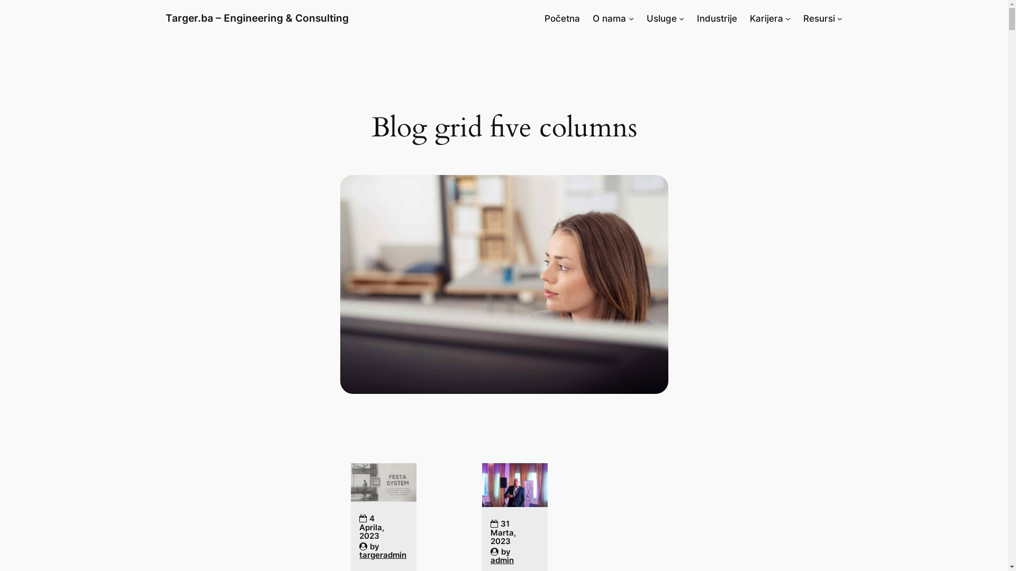 This screenshot has width=1016, height=571. I want to click on 'O nama', so click(592, 18).